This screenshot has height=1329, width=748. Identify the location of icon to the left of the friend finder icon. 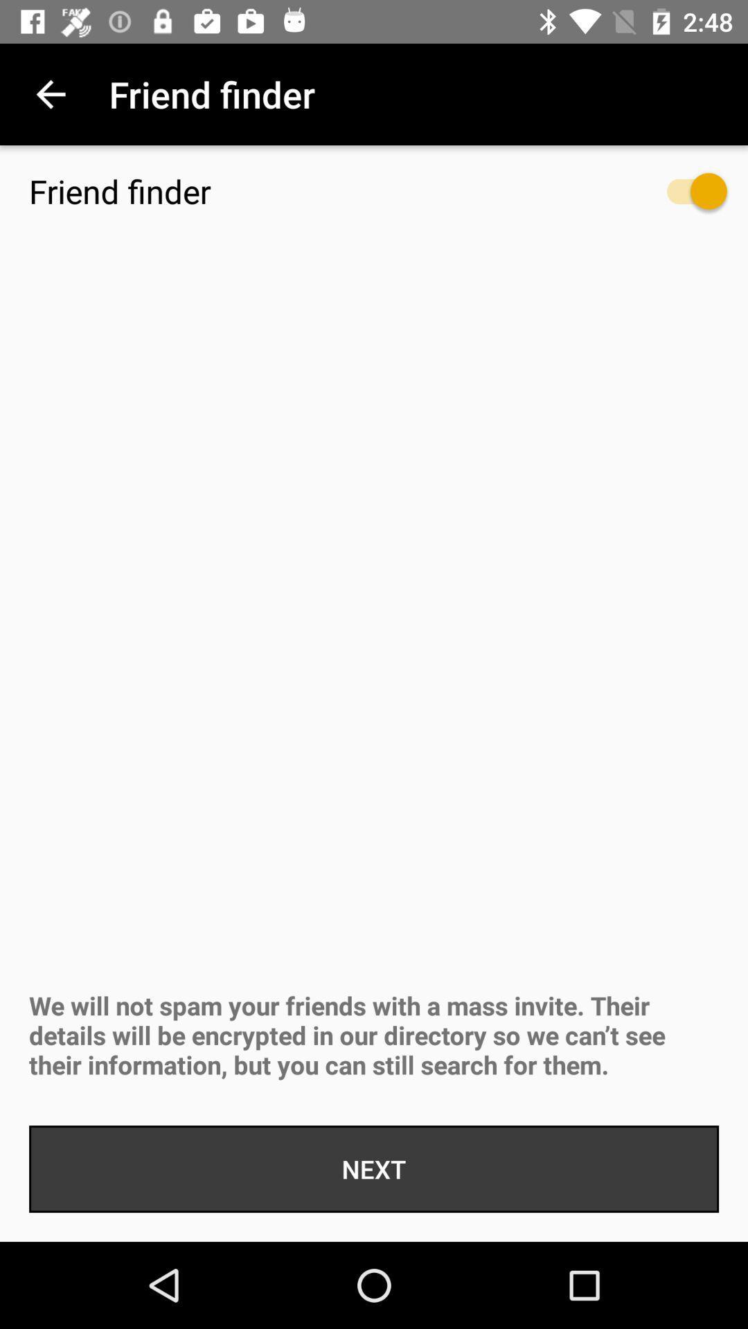
(50, 93).